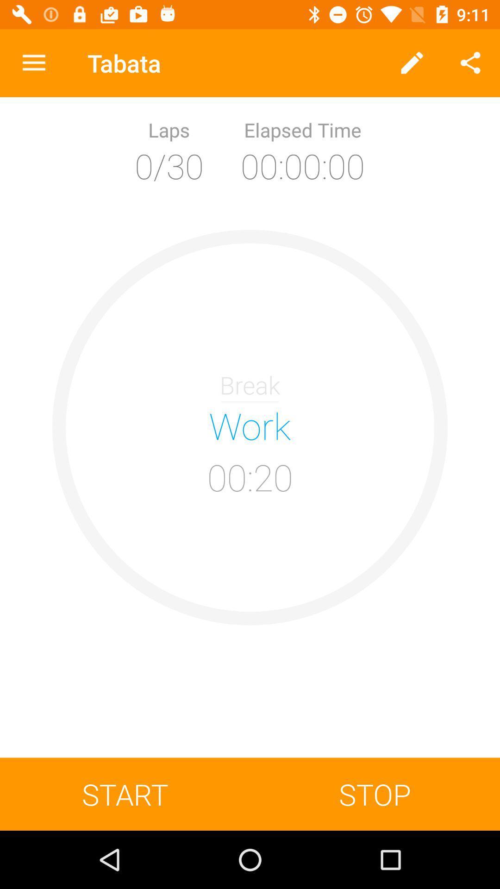 This screenshot has height=889, width=500. What do you see at coordinates (125, 794) in the screenshot?
I see `item next to the stop` at bounding box center [125, 794].